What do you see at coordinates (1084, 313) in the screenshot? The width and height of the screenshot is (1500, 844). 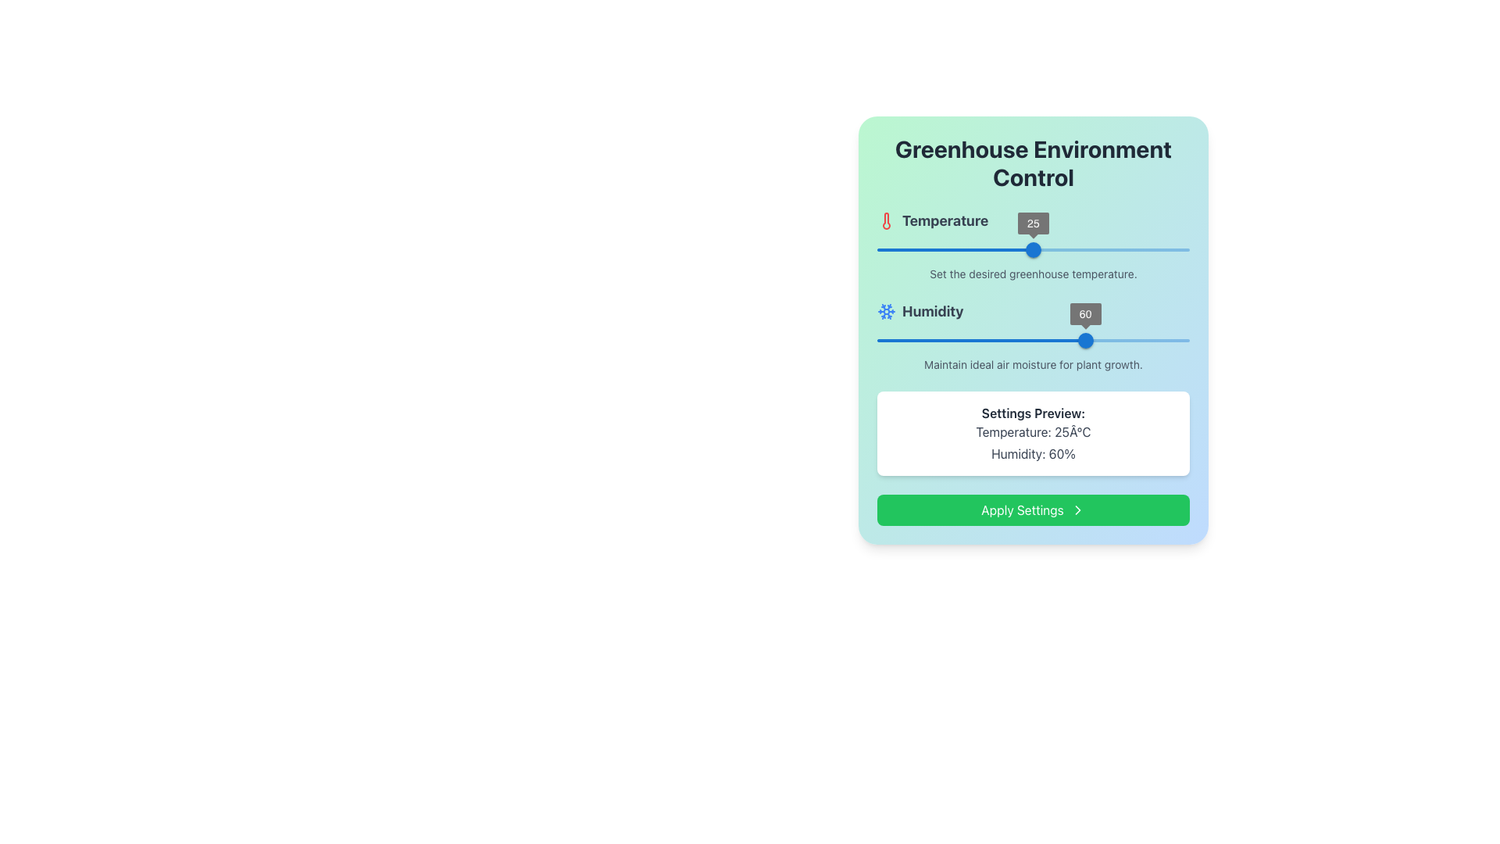 I see `the Value label displaying '60' in white text on a gray background, positioned above the 'Humidity' slider` at bounding box center [1084, 313].